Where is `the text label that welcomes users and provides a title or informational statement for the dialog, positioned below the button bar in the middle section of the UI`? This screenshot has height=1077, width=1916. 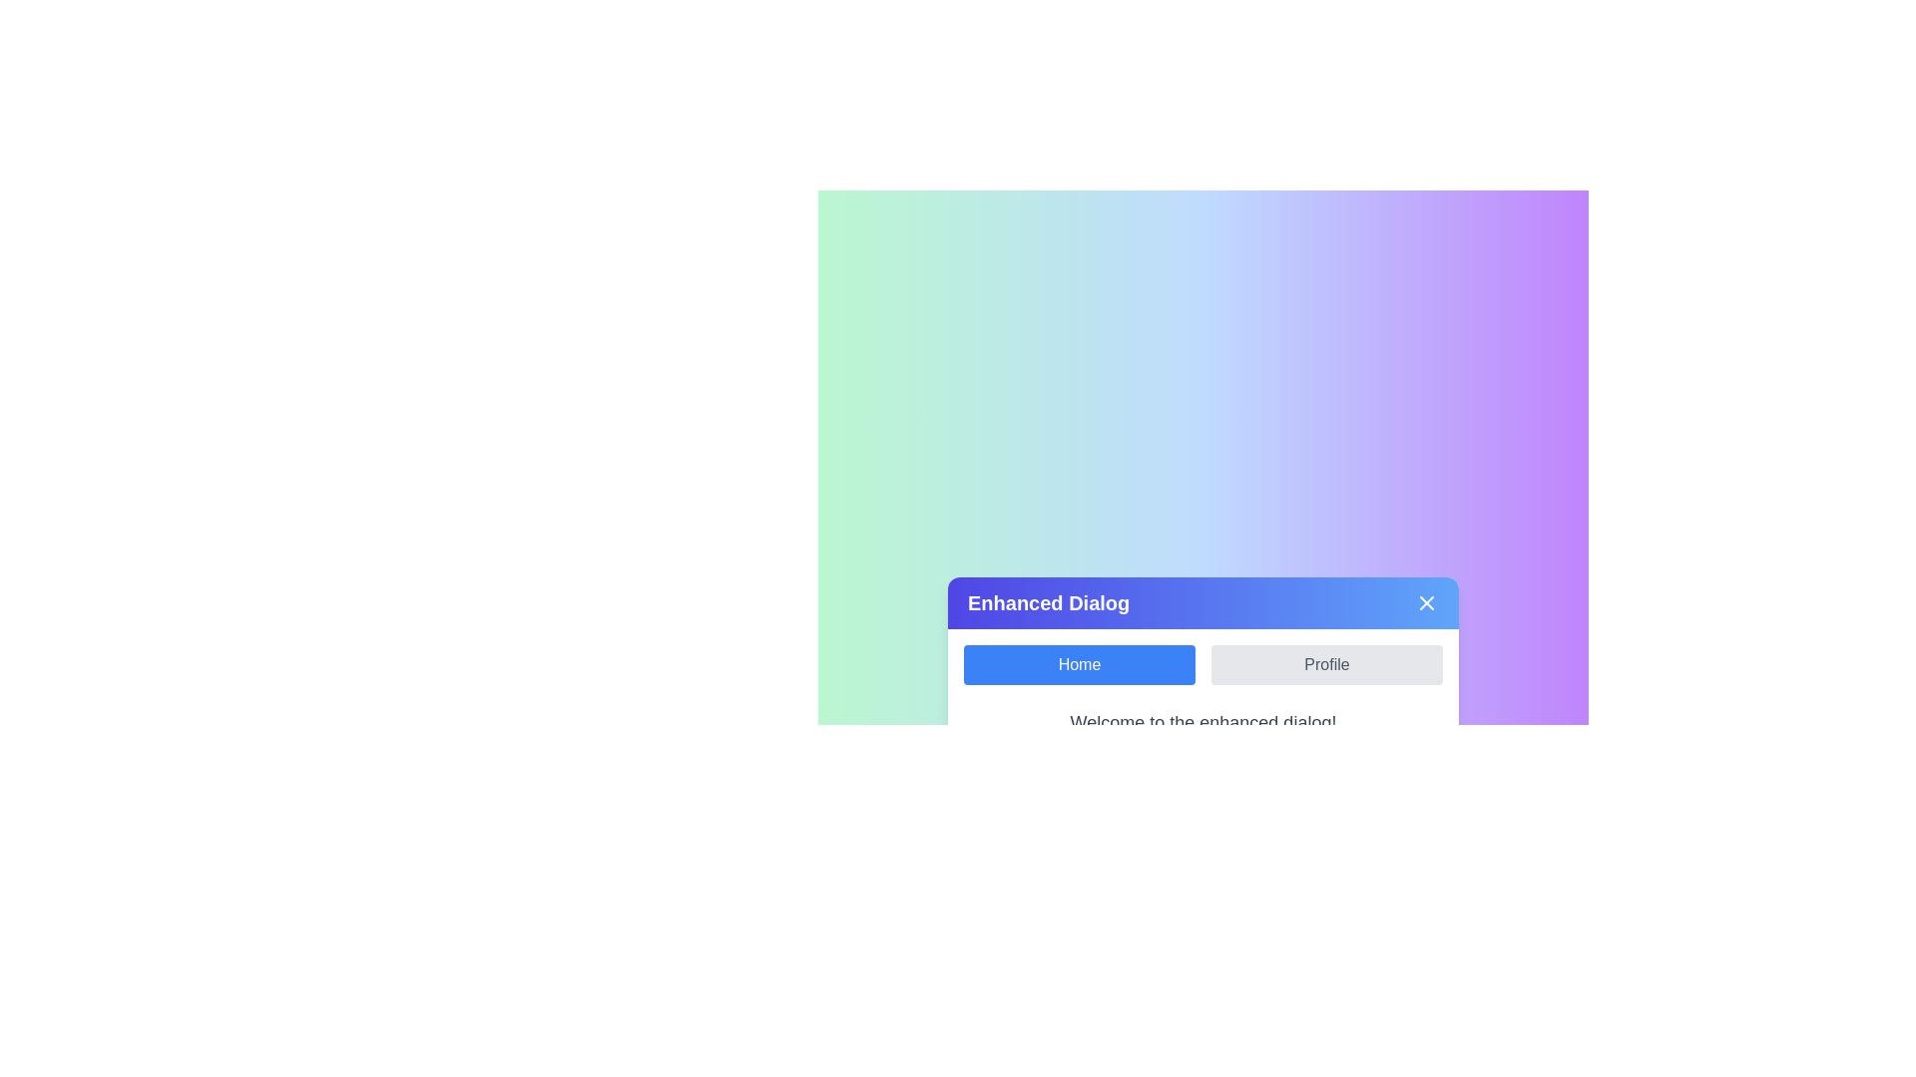
the text label that welcomes users and provides a title or informational statement for the dialog, positioned below the button bar in the middle section of the UI is located at coordinates (1201, 723).